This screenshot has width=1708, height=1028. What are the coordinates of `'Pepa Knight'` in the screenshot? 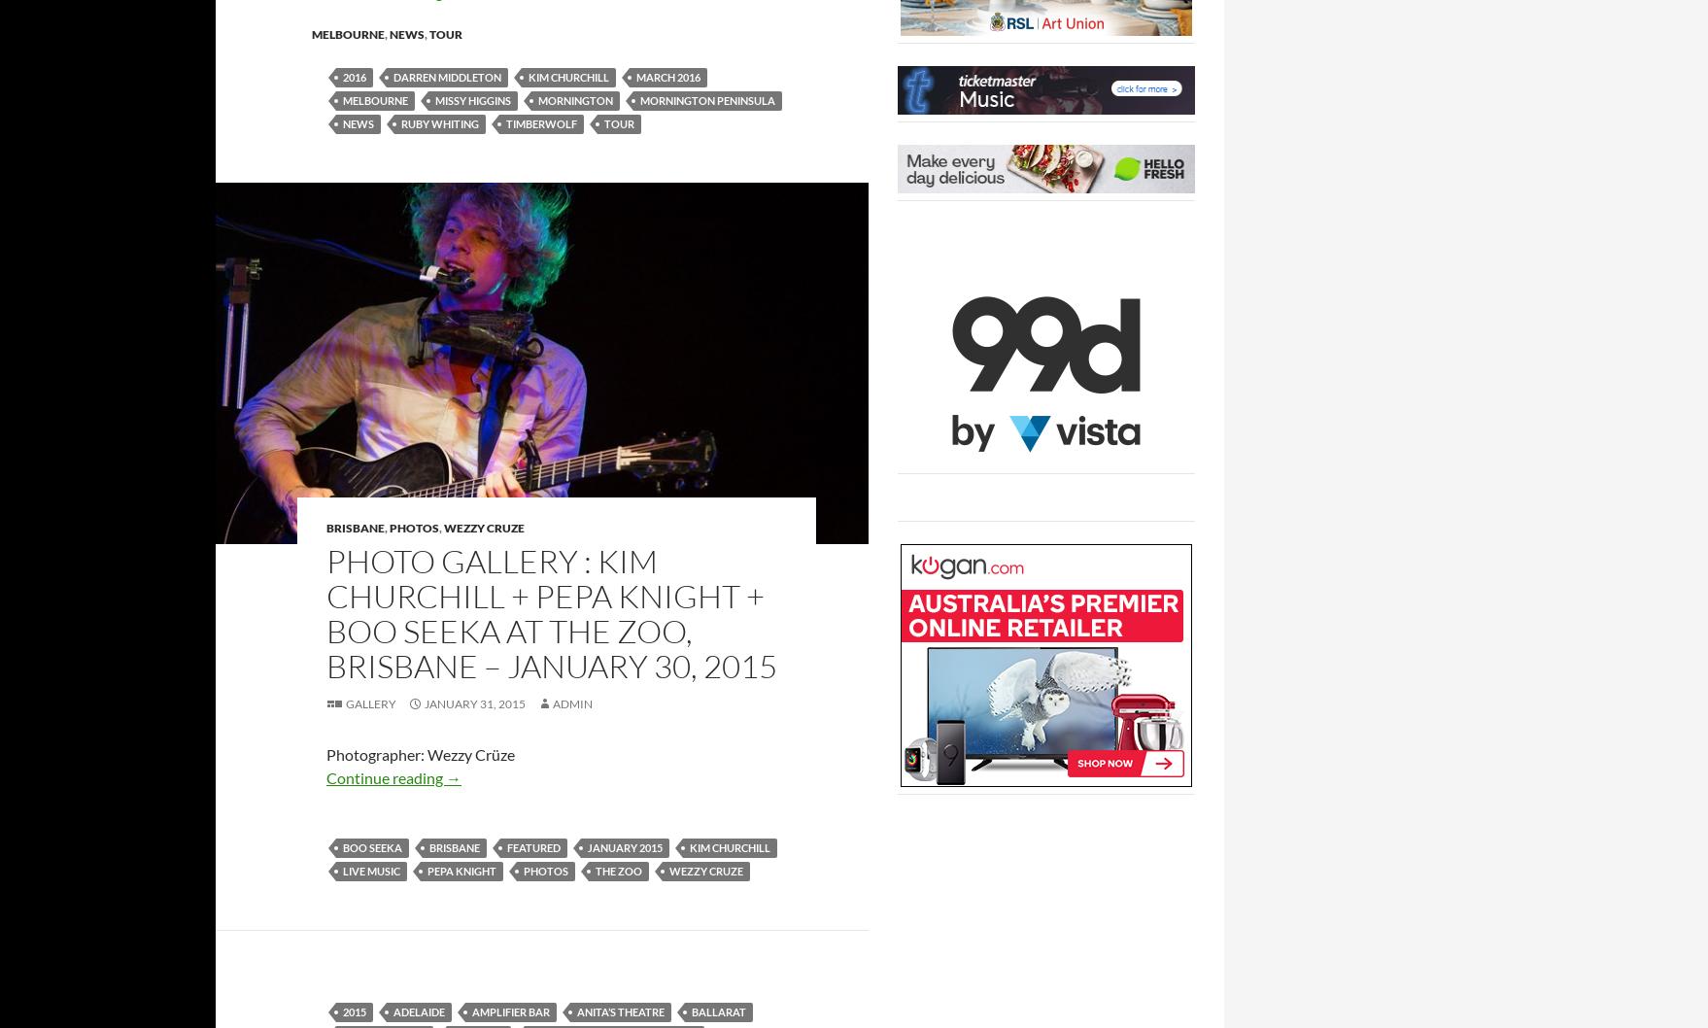 It's located at (461, 871).